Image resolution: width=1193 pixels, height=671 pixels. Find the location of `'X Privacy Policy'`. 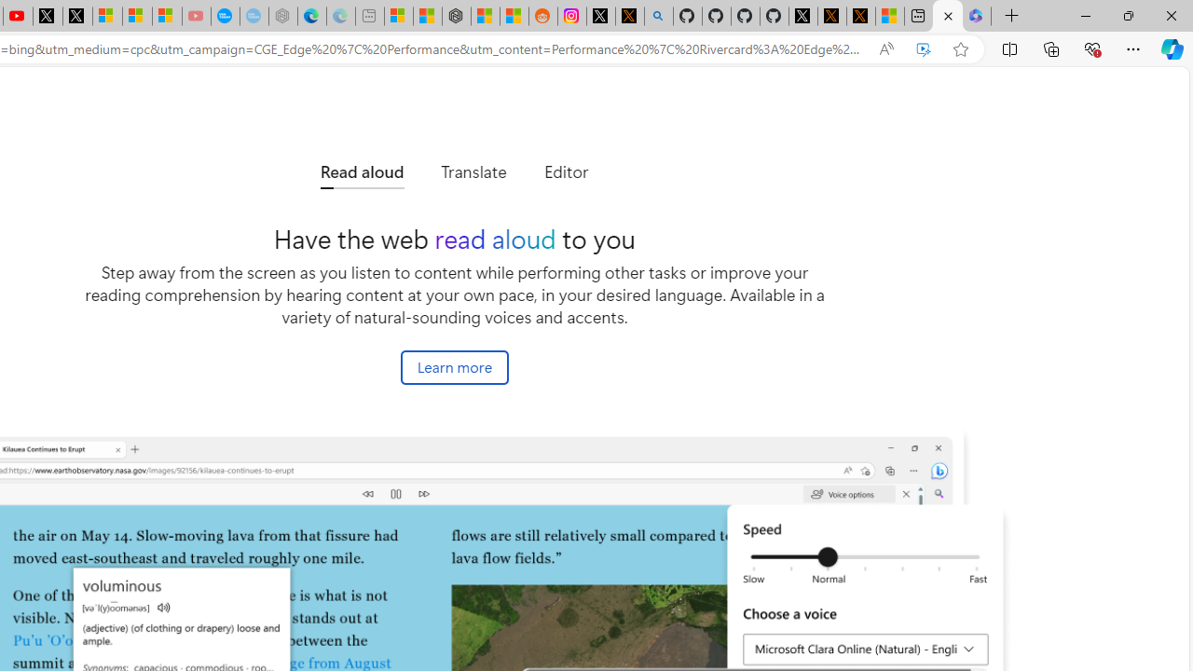

'X Privacy Policy' is located at coordinates (860, 16).